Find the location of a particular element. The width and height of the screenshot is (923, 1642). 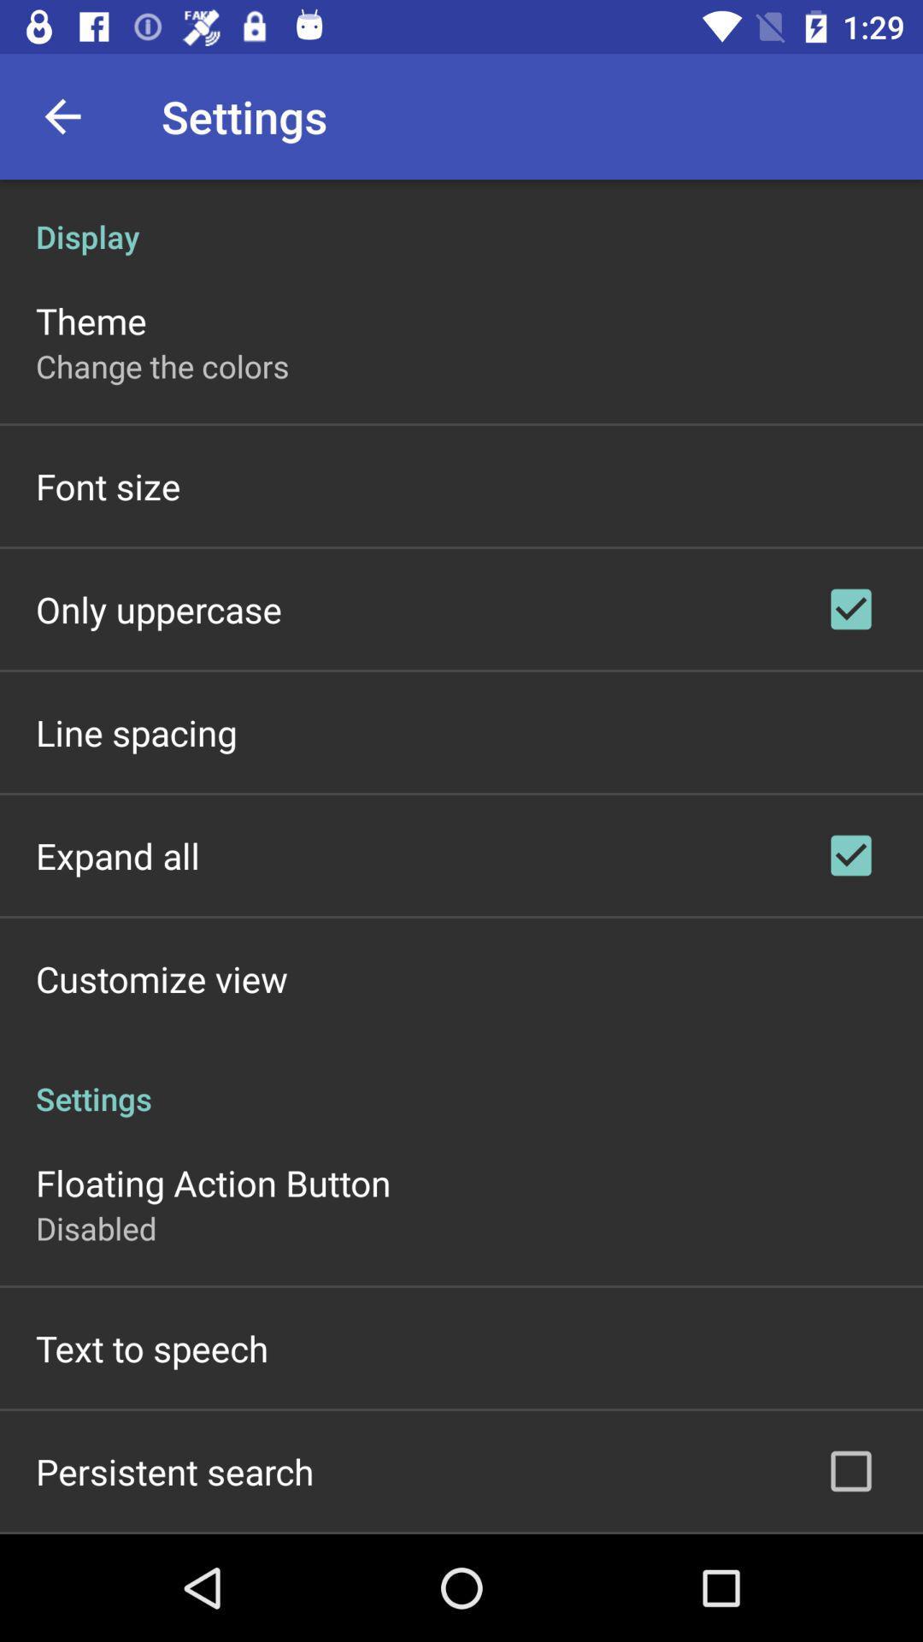

the icon above theme icon is located at coordinates (461, 217).